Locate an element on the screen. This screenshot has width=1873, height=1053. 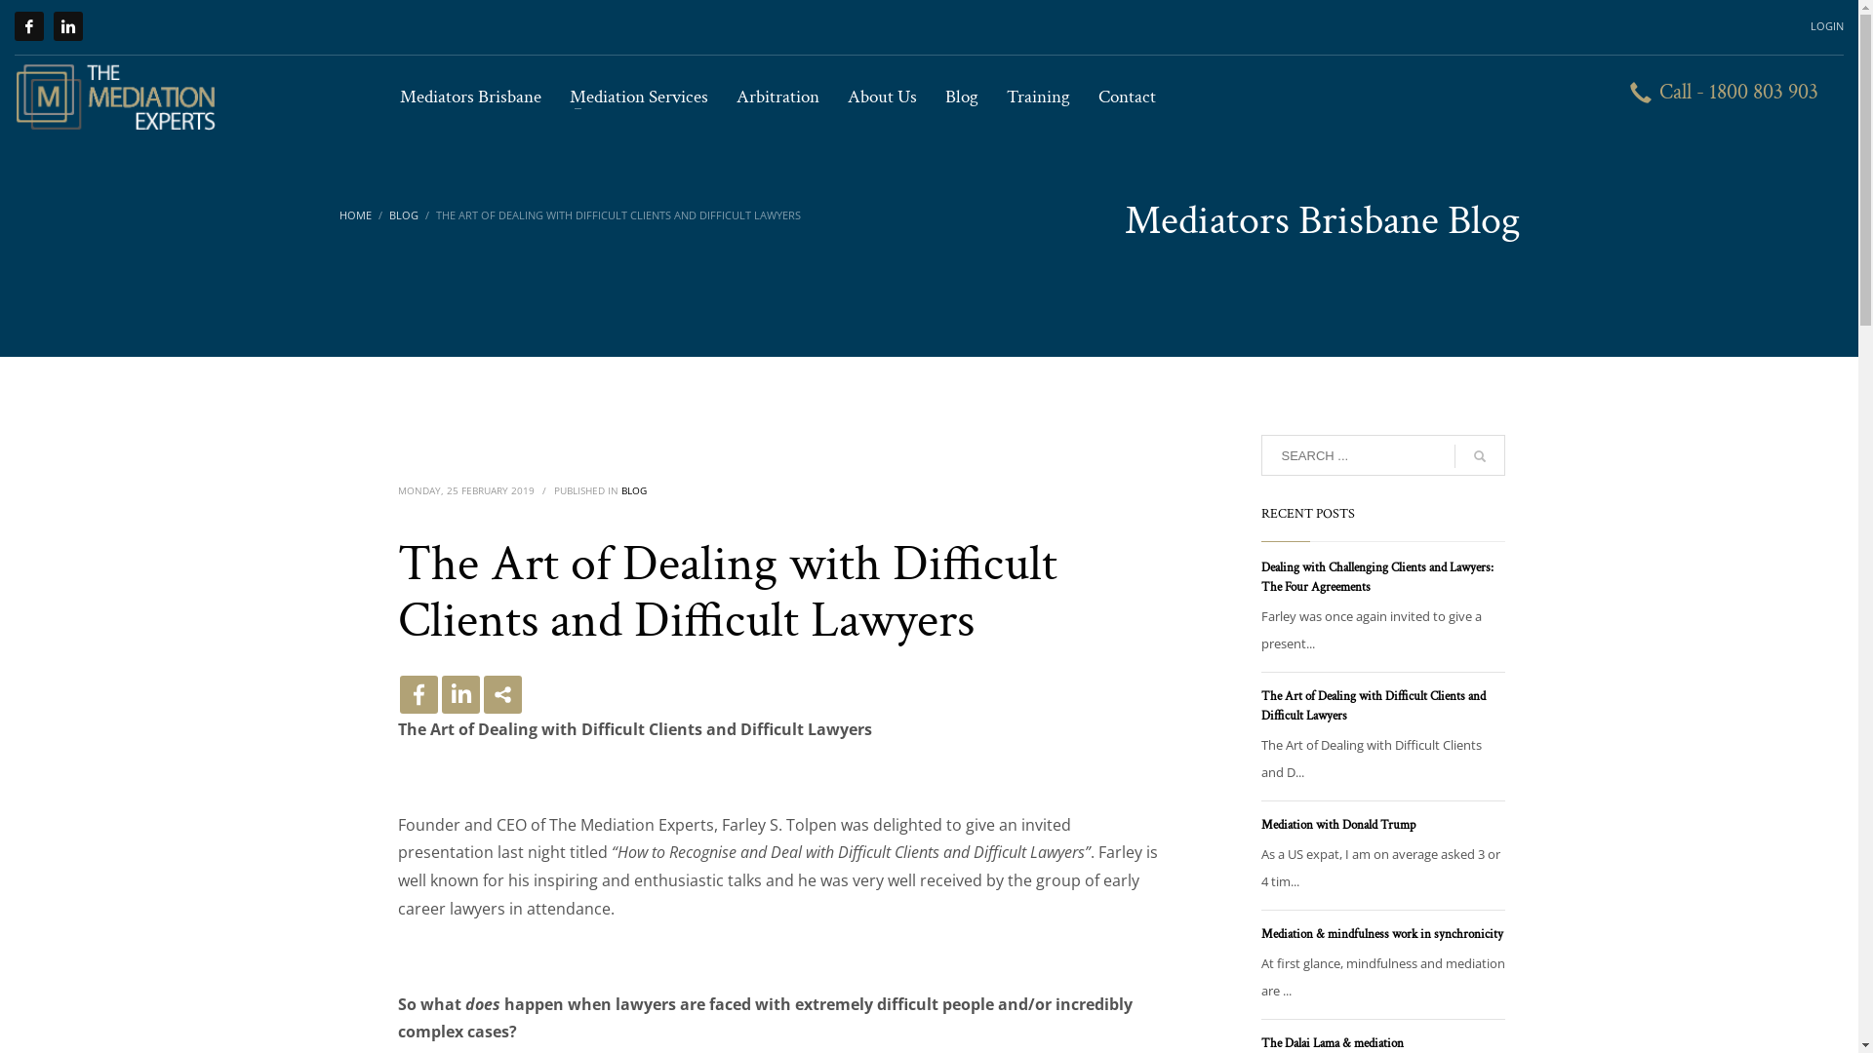
'Facebook' is located at coordinates (28, 26).